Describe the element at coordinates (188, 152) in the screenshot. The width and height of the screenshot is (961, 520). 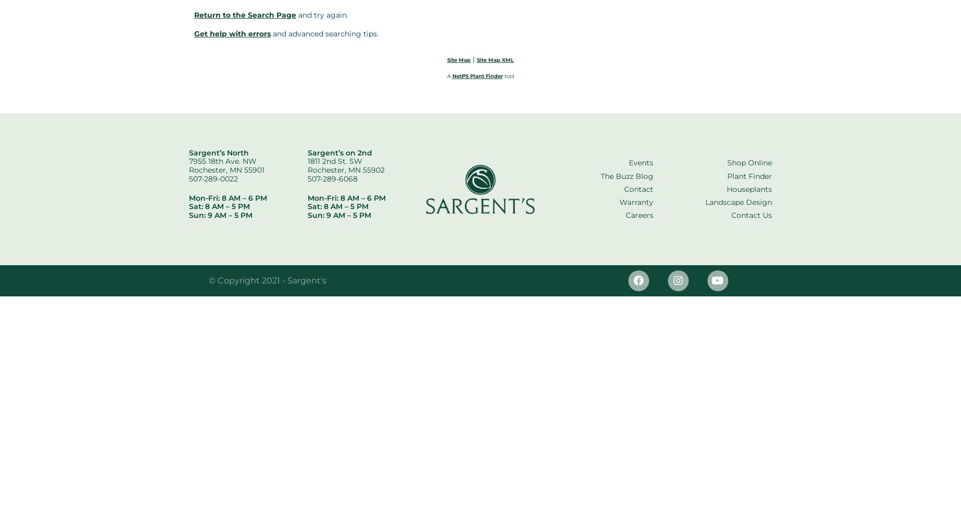
I see `'Sargent’s North'` at that location.